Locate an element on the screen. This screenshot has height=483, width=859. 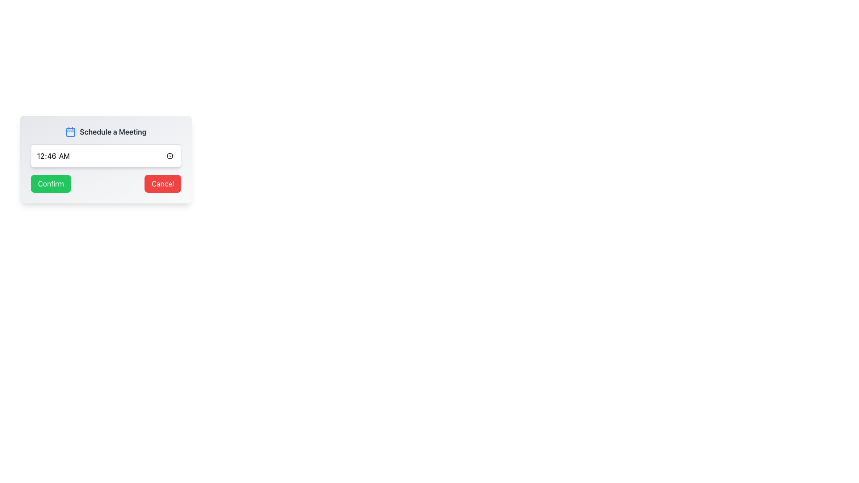
the calendar icon located at the top-left corner of the section containing the text 'Schedule a Meeting' is located at coordinates (70, 131).